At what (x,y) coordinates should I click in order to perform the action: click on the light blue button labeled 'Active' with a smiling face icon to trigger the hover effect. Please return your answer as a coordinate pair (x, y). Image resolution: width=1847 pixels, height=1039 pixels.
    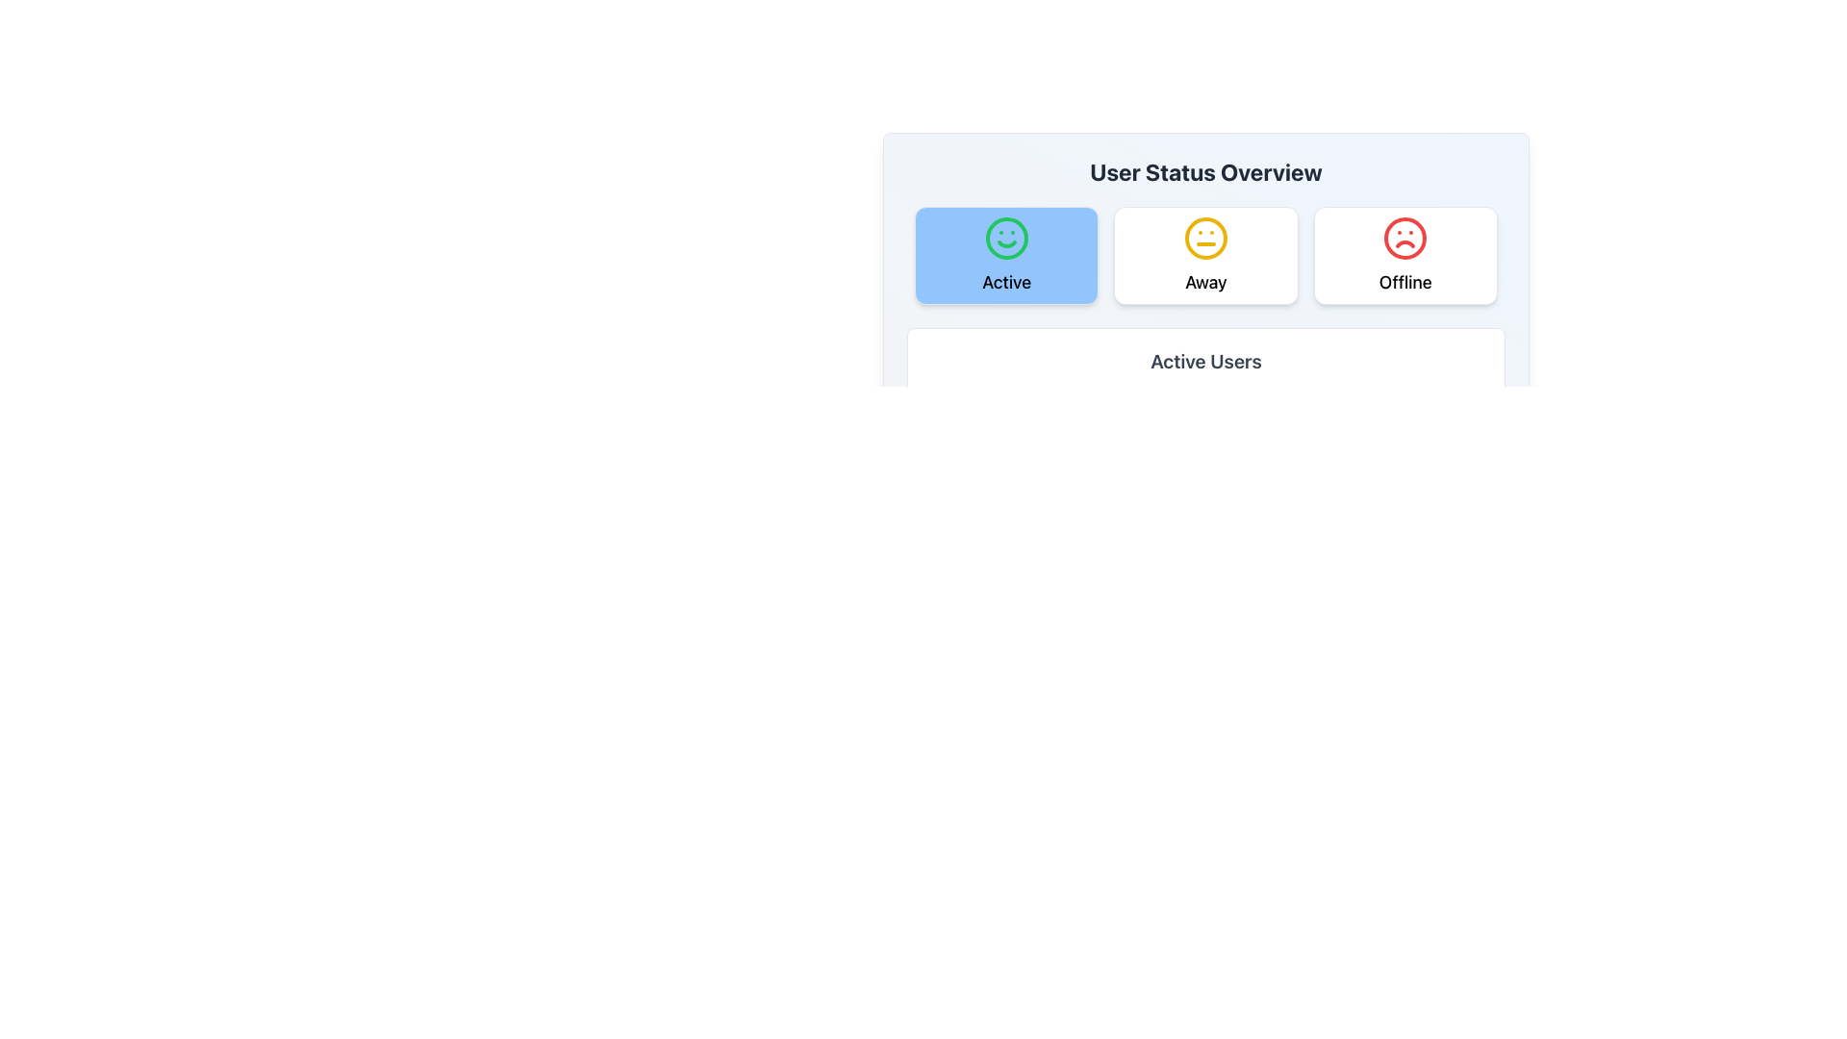
    Looking at the image, I should click on (1005, 255).